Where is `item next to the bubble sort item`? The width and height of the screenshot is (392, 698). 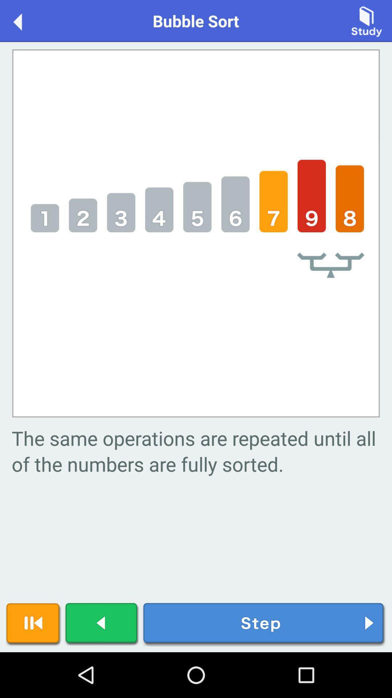
item next to the bubble sort item is located at coordinates (367, 20).